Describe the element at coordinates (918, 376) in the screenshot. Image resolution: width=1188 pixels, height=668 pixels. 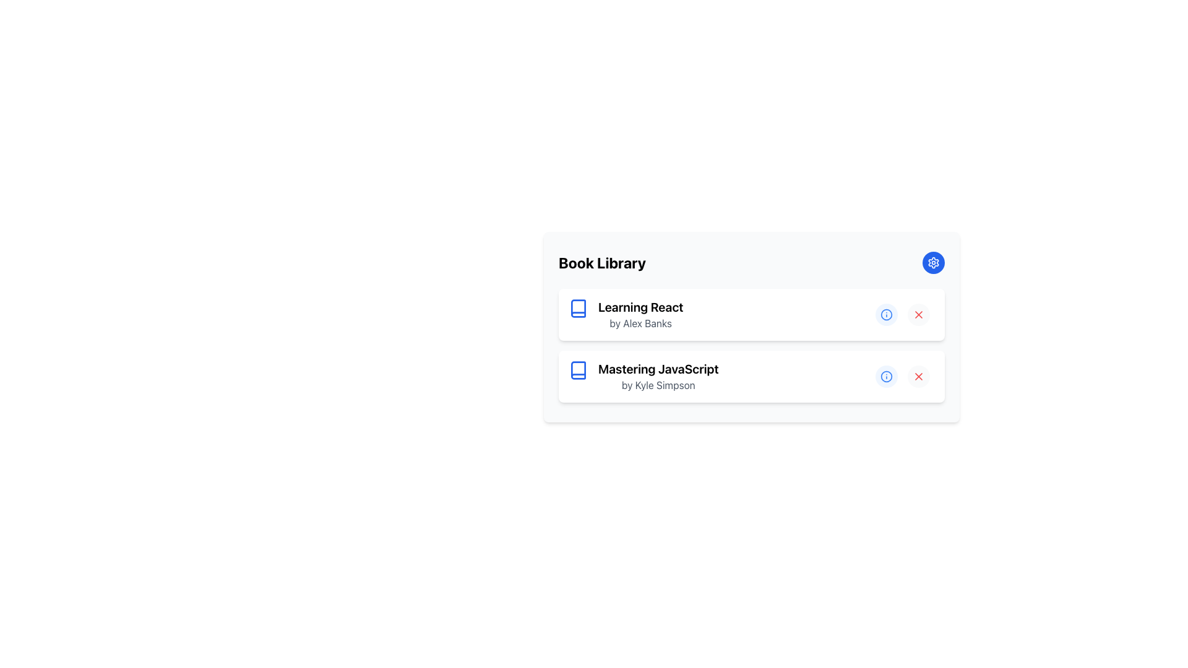
I see `the delete button located in the action section of the second book entry` at that location.